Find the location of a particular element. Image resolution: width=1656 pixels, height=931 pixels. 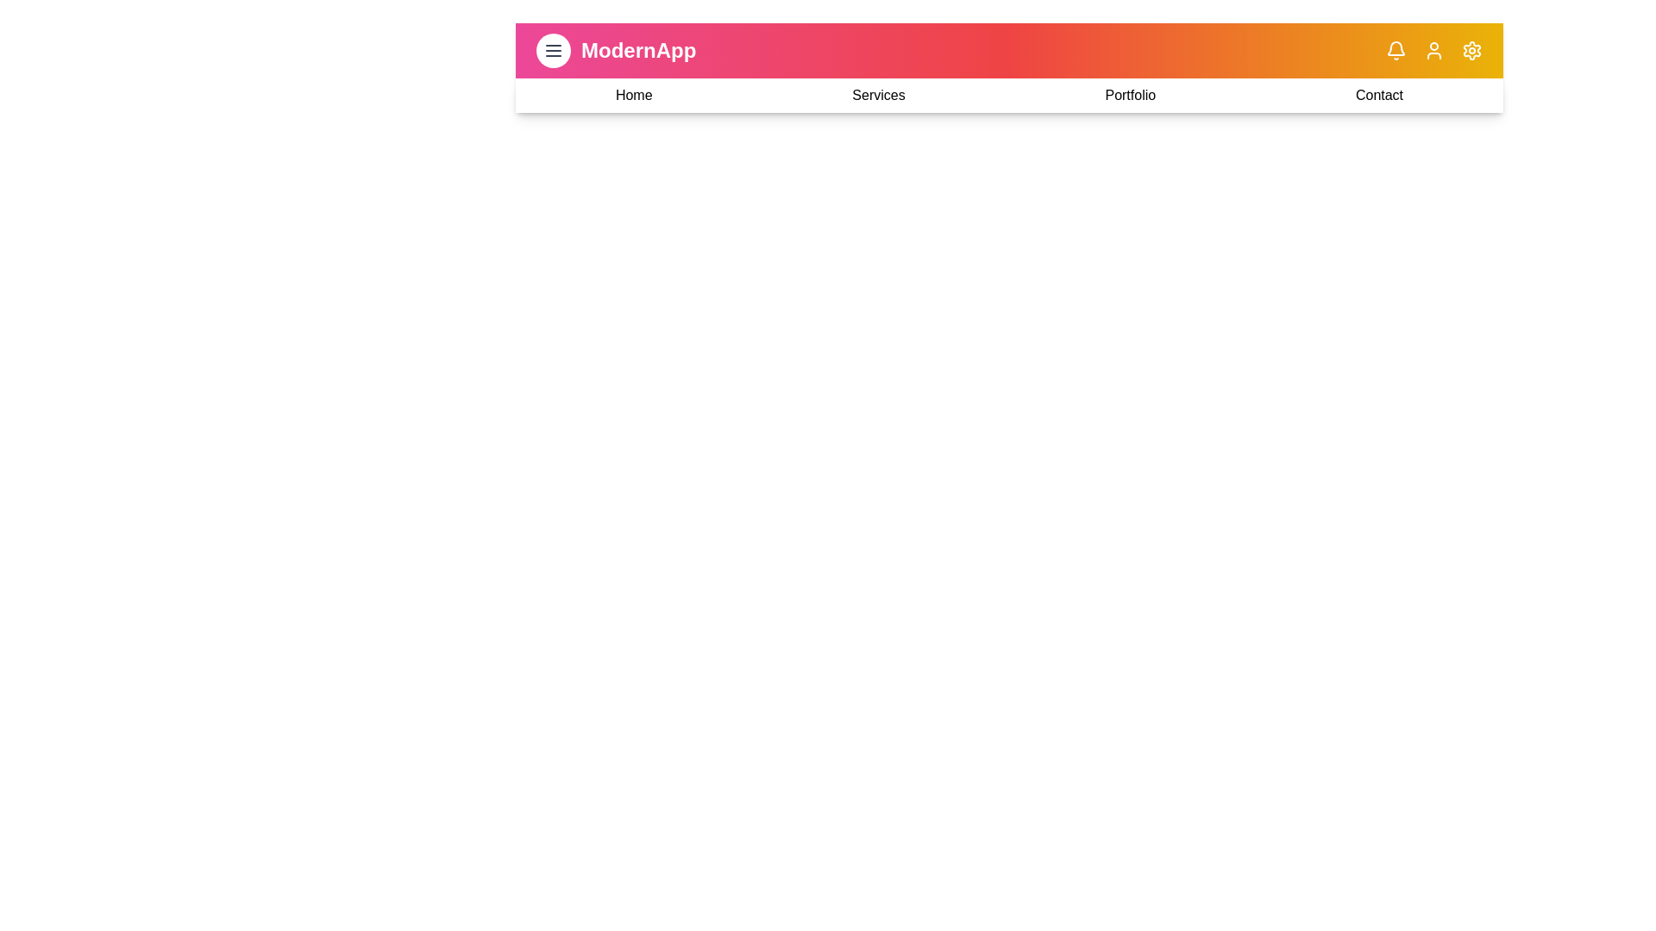

the settings icon in the app bar is located at coordinates (1471, 49).